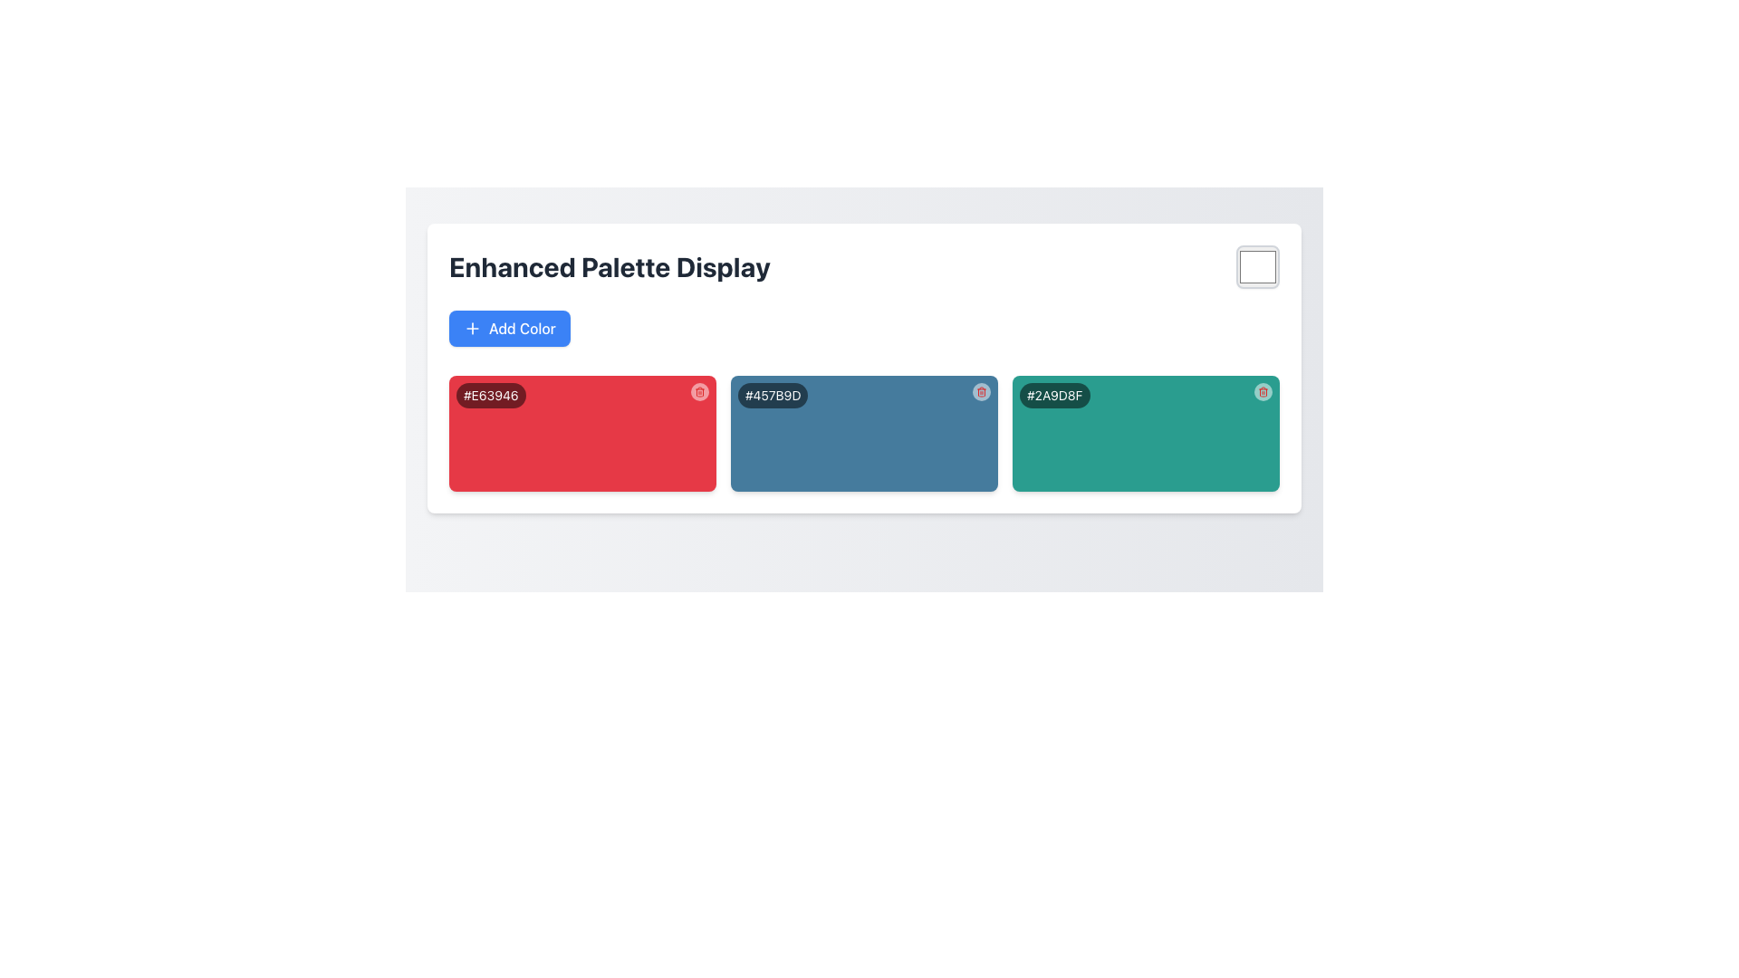  What do you see at coordinates (1263, 390) in the screenshot?
I see `the delete button located at the top-right corner of the green card labeled '#2A9D8F'` at bounding box center [1263, 390].